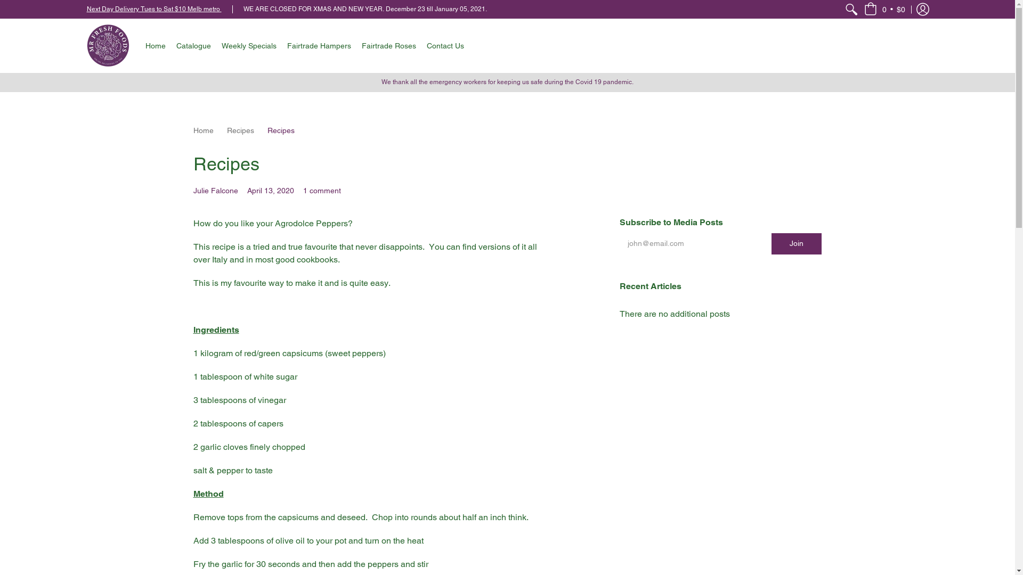 The height and width of the screenshot is (575, 1023). Describe the element at coordinates (388, 45) in the screenshot. I see `'Fairtrade Roses'` at that location.